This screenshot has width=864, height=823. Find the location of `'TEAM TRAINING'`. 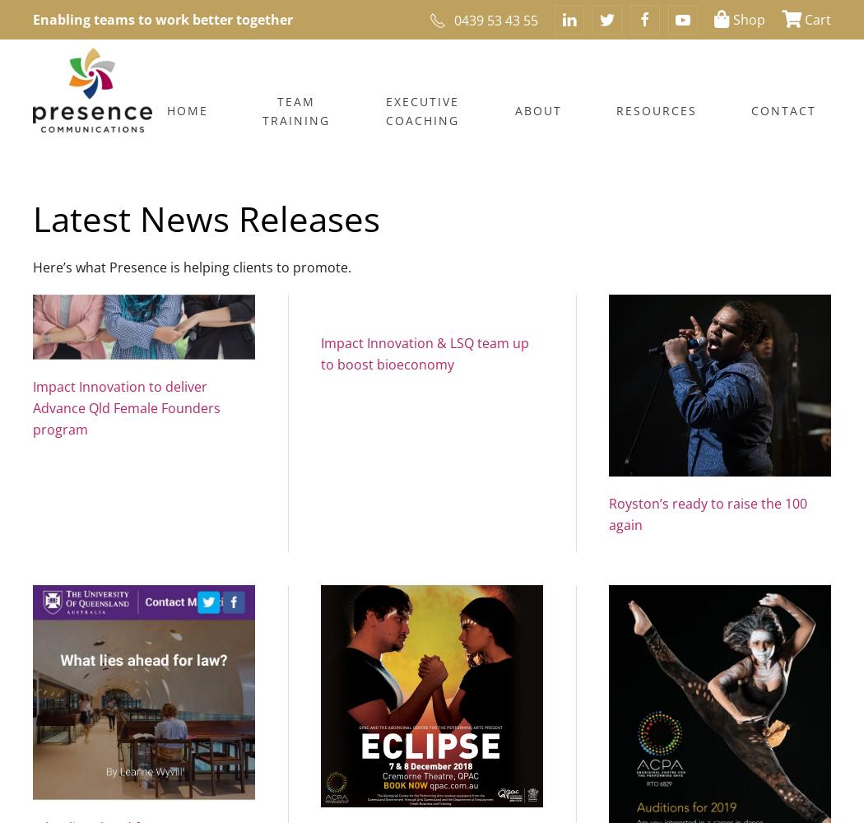

'TEAM TRAINING' is located at coordinates (294, 110).